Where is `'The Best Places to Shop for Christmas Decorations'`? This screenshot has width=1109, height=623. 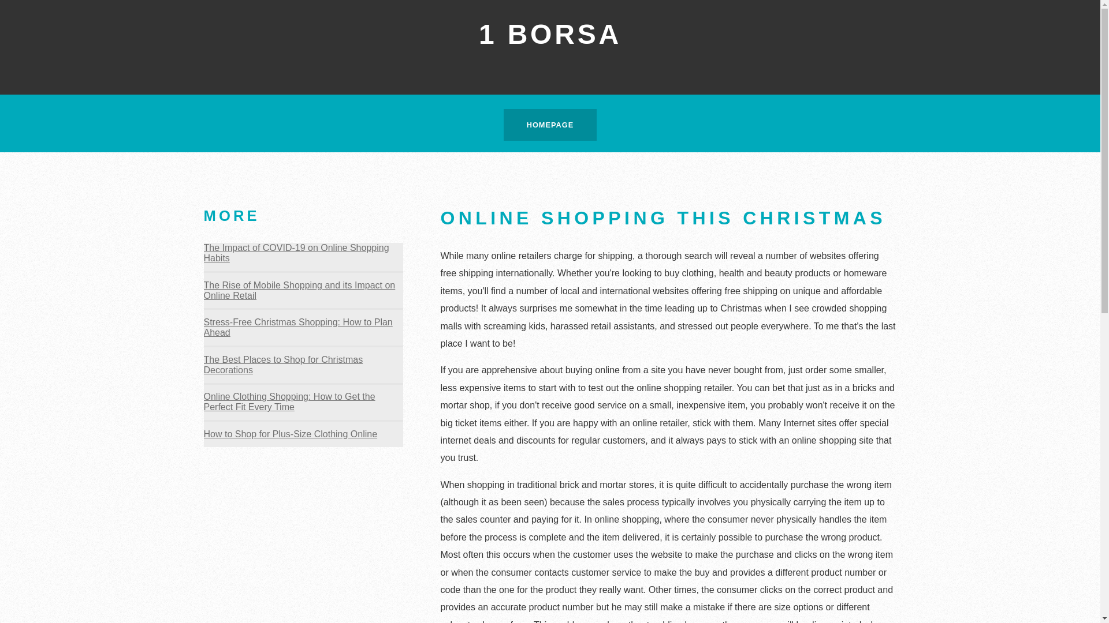 'The Best Places to Shop for Christmas Decorations' is located at coordinates (203, 365).